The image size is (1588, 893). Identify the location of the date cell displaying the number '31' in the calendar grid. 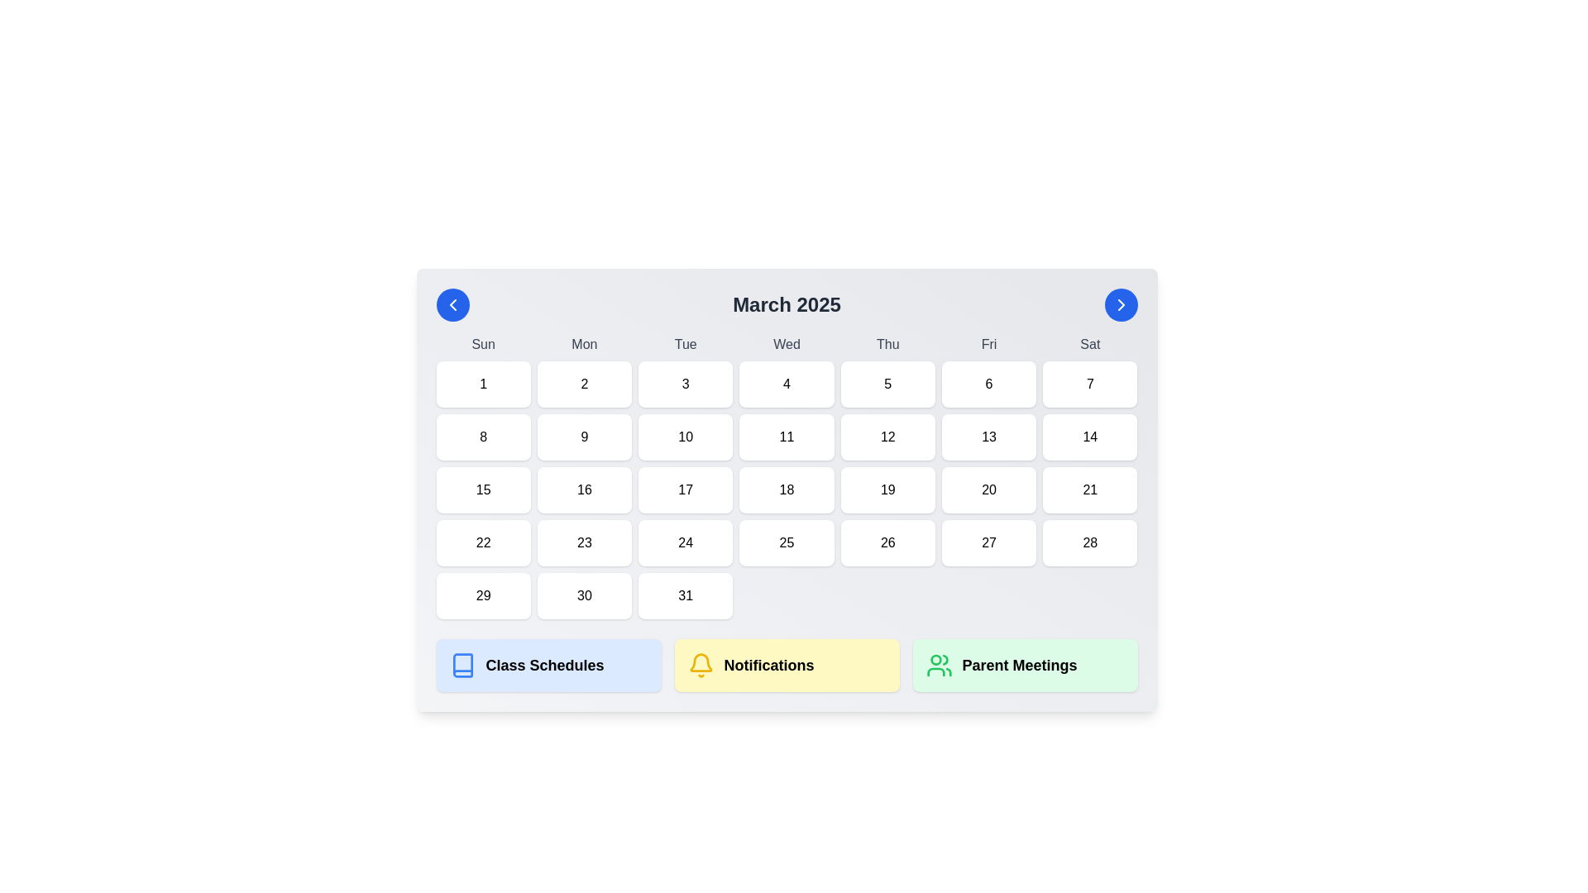
(686, 596).